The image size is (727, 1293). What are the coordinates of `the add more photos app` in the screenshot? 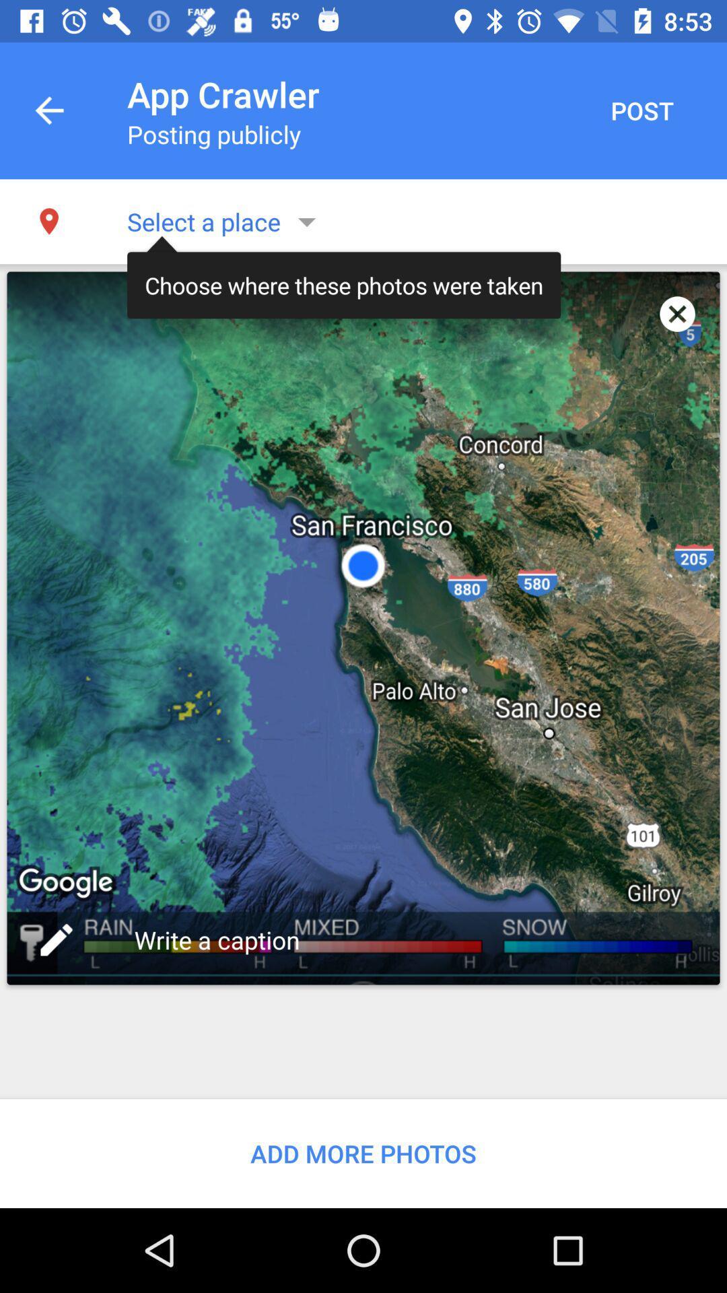 It's located at (363, 1153).